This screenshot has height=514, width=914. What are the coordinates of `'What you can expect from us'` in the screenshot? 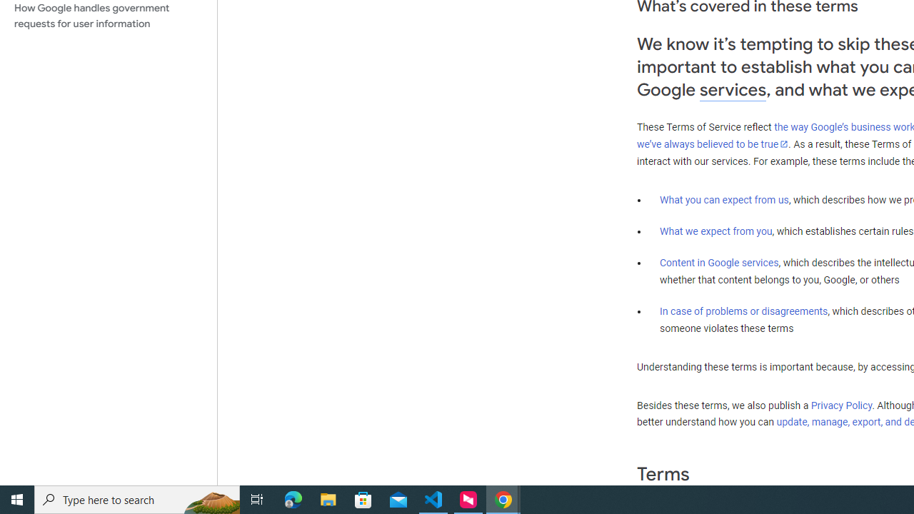 It's located at (724, 199).